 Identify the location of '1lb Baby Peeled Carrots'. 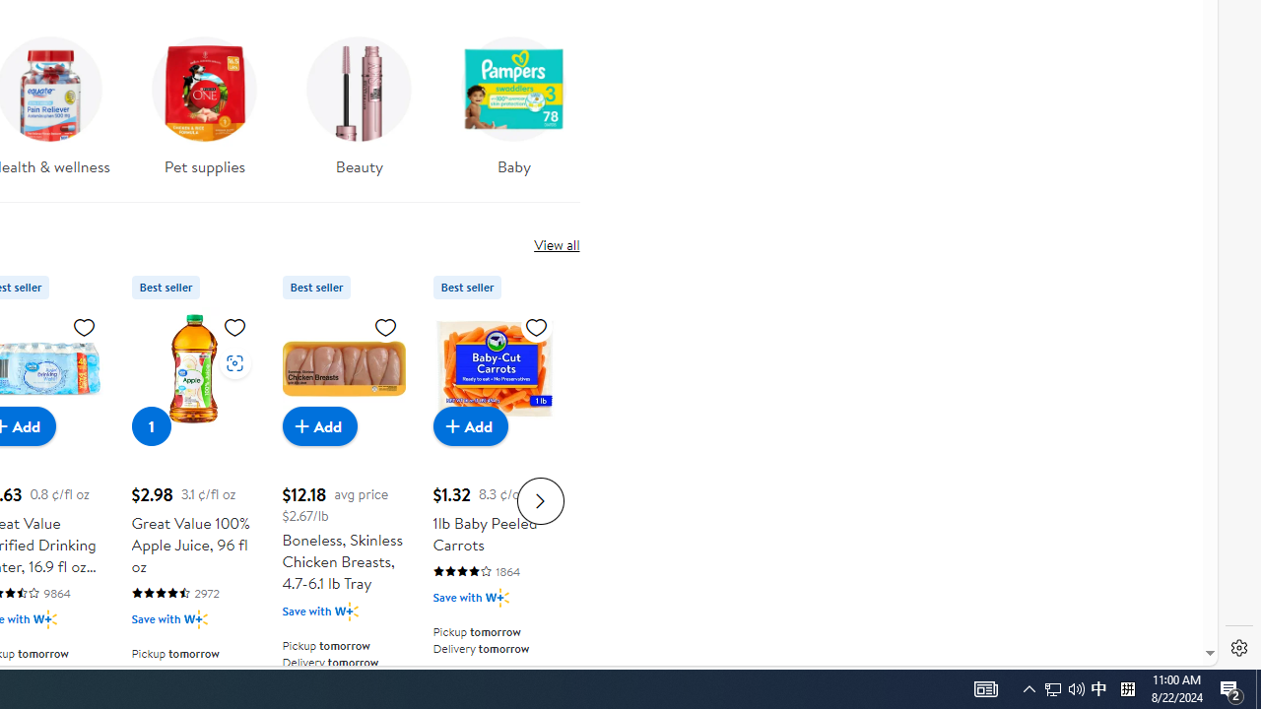
(494, 368).